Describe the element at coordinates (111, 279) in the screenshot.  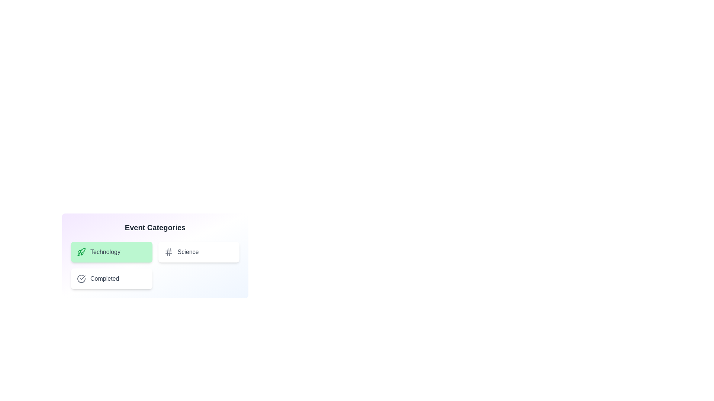
I see `the category chip named Completed` at that location.